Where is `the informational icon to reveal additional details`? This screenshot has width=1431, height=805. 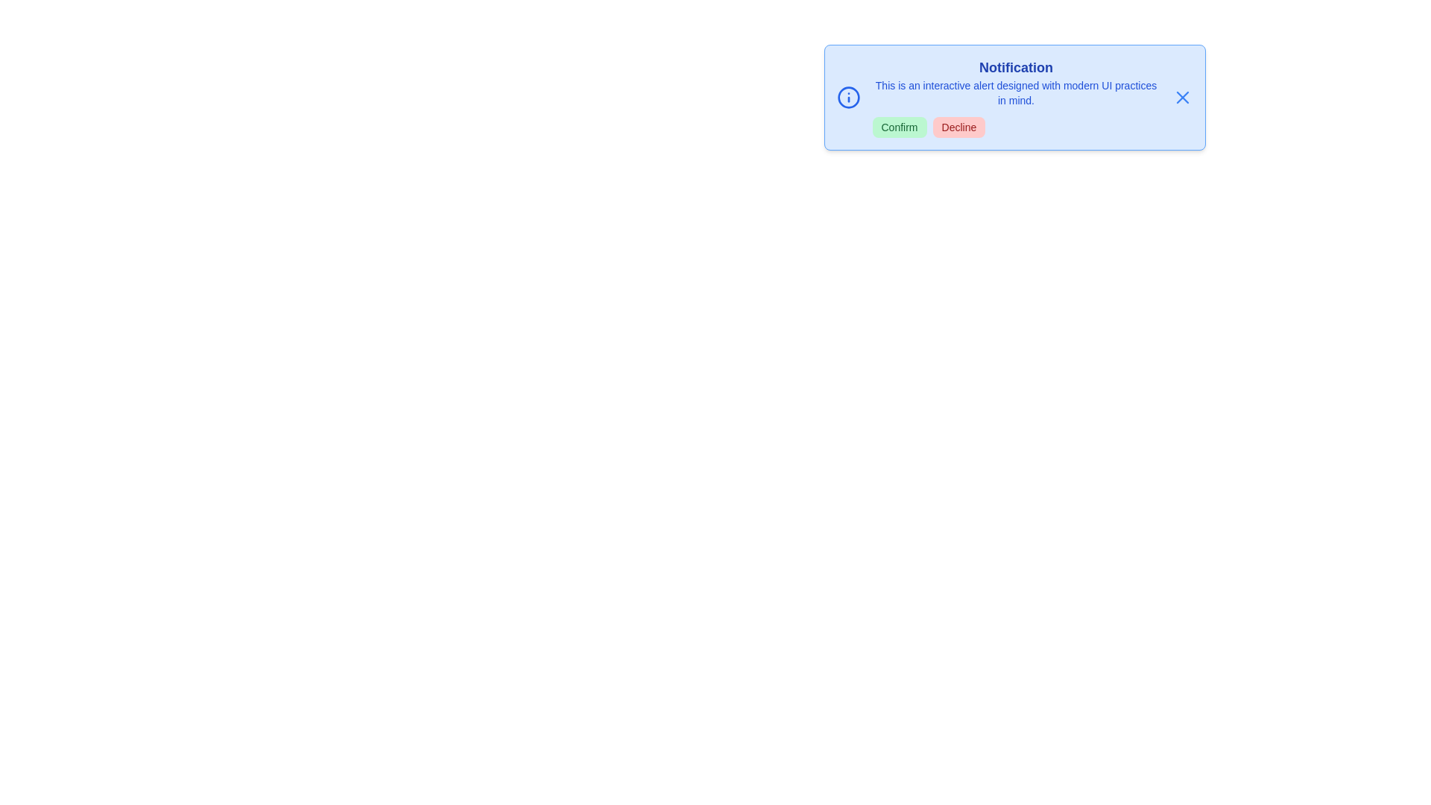
the informational icon to reveal additional details is located at coordinates (848, 98).